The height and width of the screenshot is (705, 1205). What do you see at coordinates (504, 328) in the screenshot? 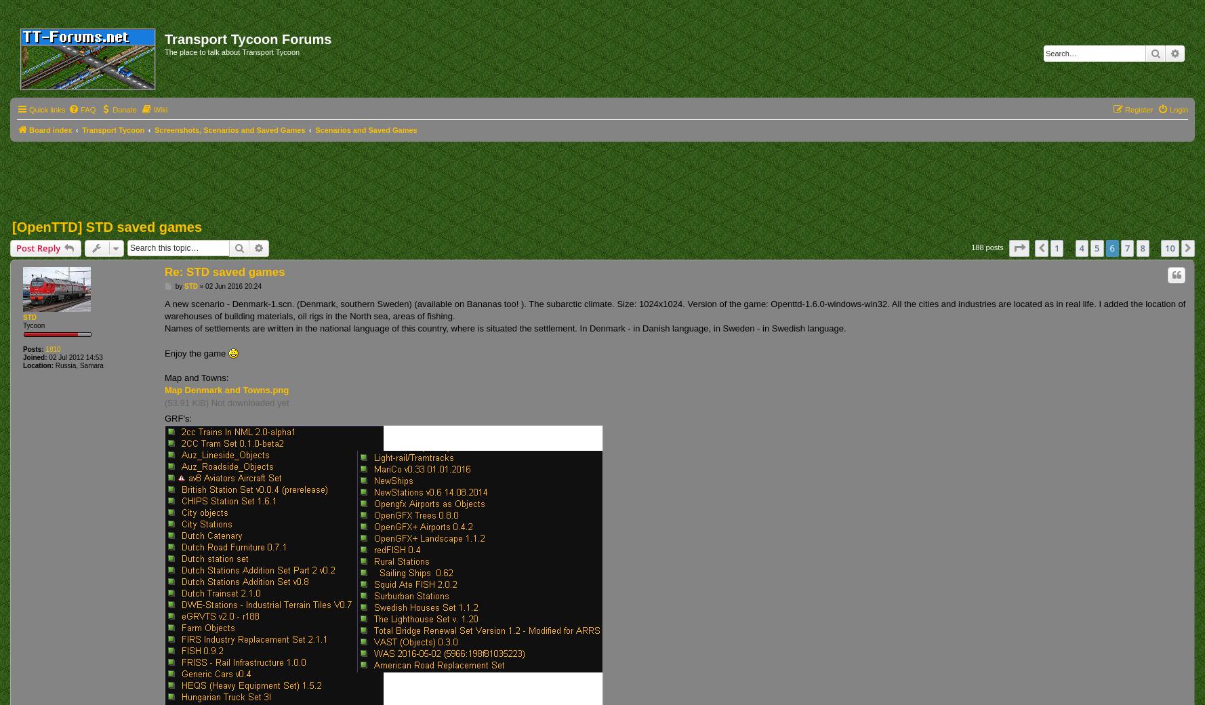
I see `'Names of settlements are written in the national language of this country, where is situated the settlement. In Denmark - in Danish language, in Sweden - in Swedish language.'` at bounding box center [504, 328].